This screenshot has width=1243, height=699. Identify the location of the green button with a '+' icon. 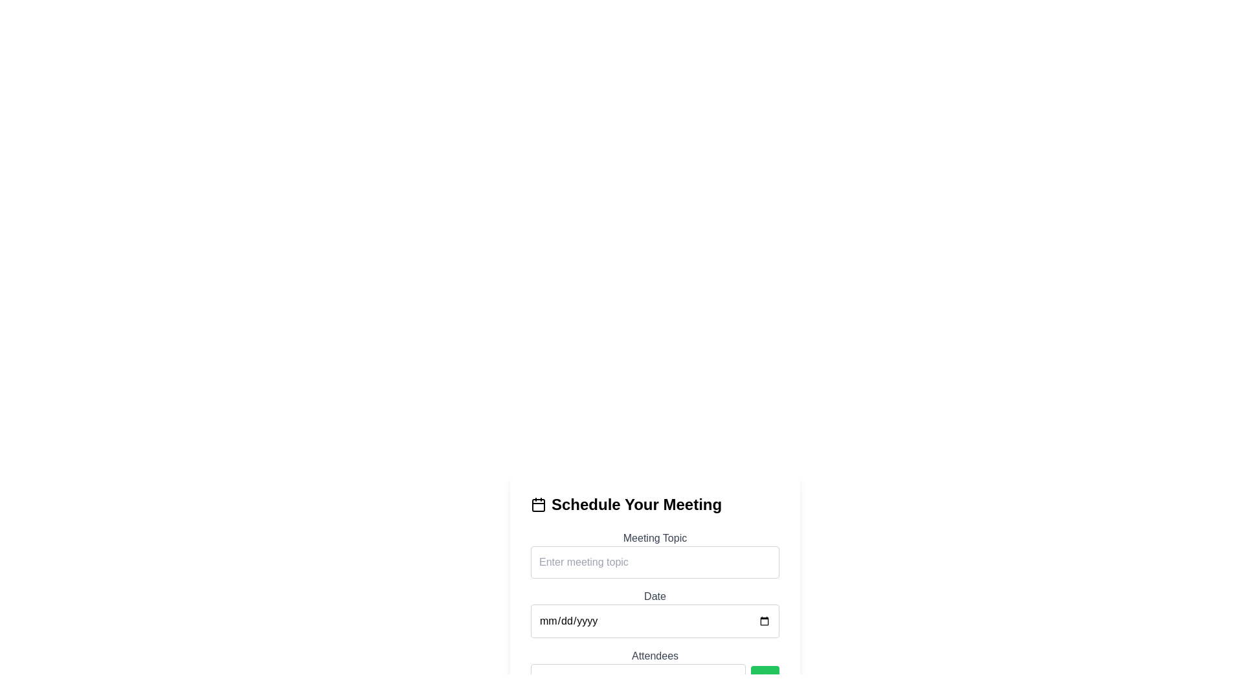
(765, 679).